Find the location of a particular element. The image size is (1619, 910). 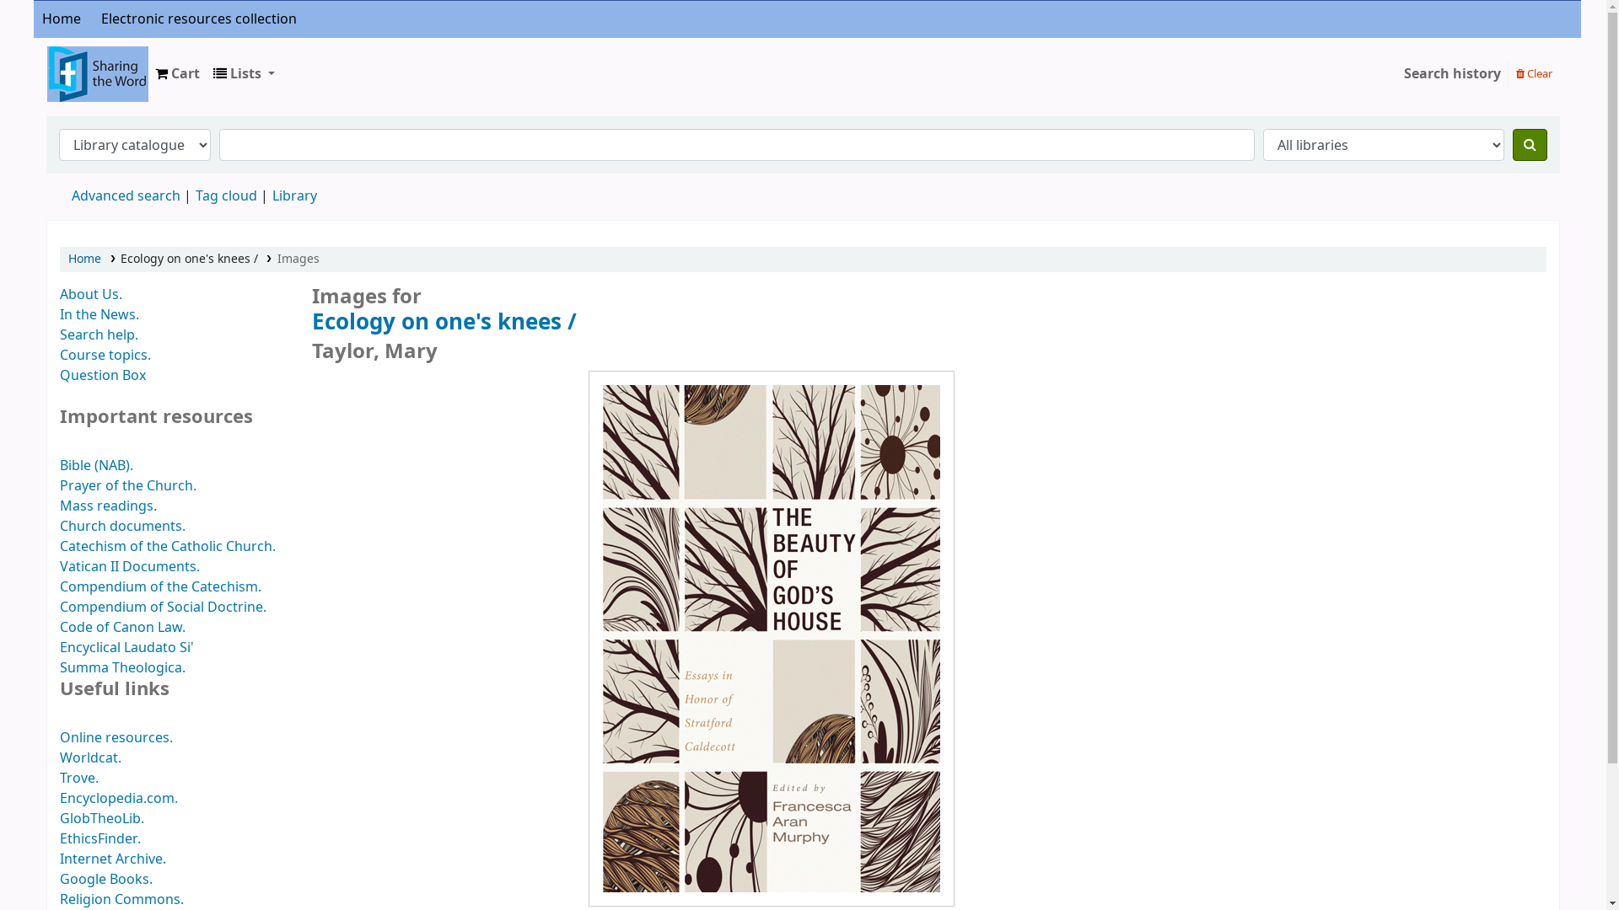

'Home' is located at coordinates (61, 19).